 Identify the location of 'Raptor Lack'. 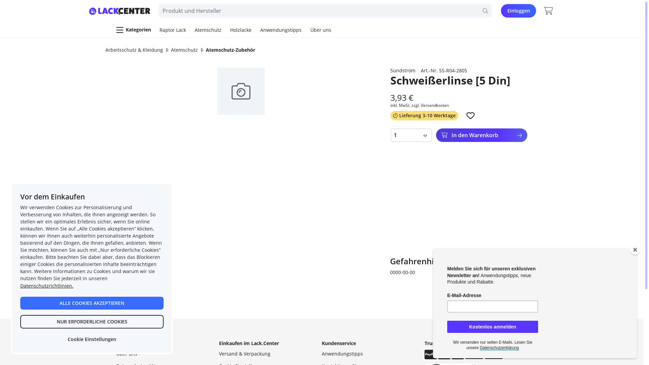
(172, 29).